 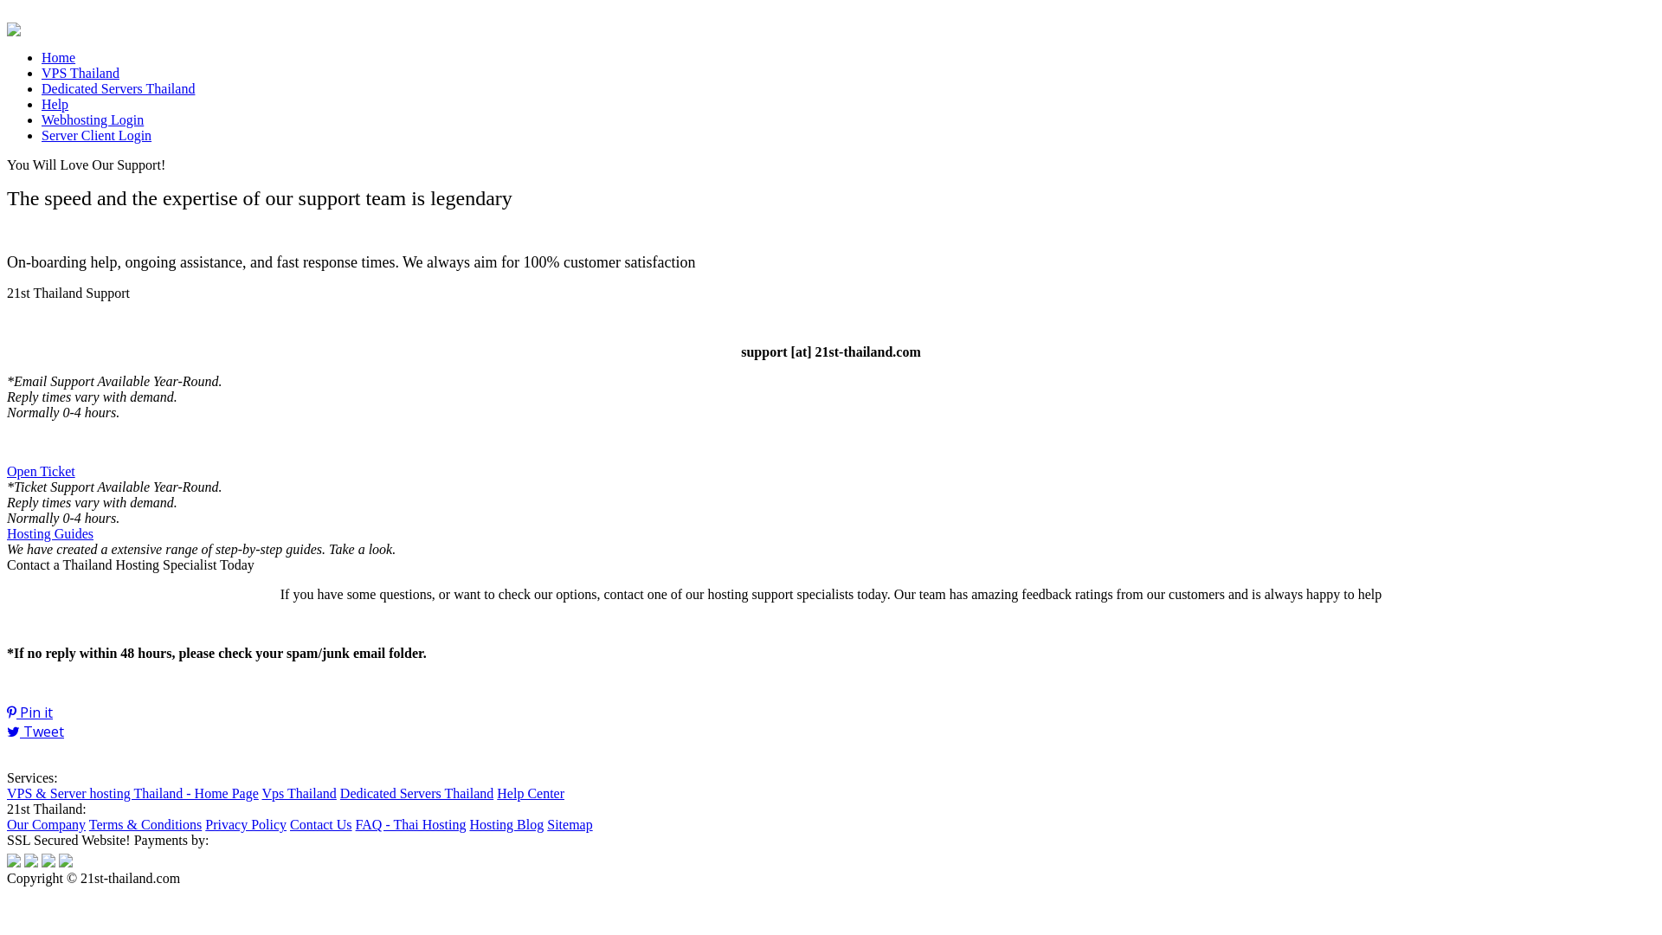 What do you see at coordinates (244, 823) in the screenshot?
I see `'Privacy Policy'` at bounding box center [244, 823].